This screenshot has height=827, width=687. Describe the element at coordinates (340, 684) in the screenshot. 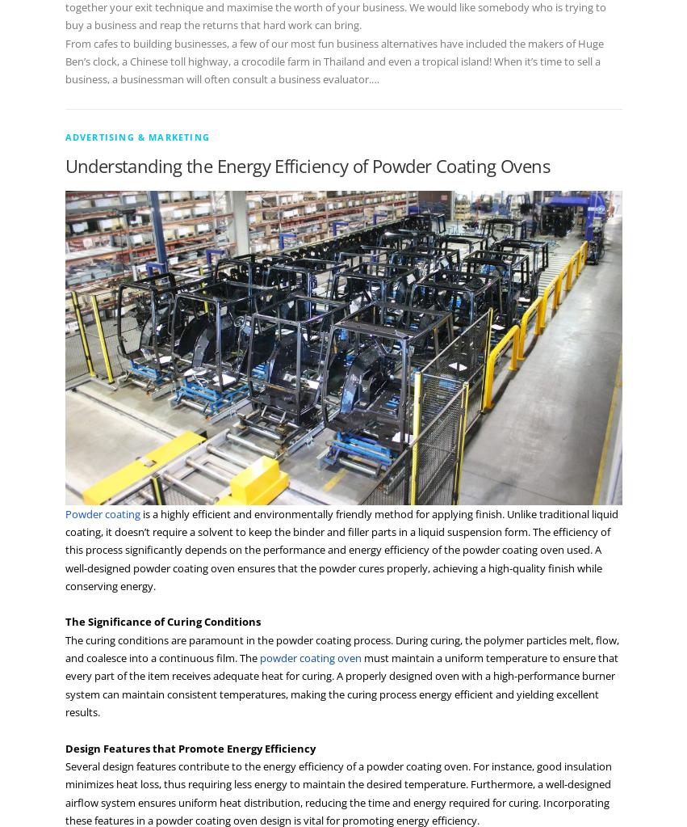

I see `'must maintain a uniform temperature to ensure that every part of the item receives adequate heat for curing. A properly designed oven with a high-performance burner system can maintain consistent temperatures, making the curing process energy efficient and yielding excellent results.'` at that location.